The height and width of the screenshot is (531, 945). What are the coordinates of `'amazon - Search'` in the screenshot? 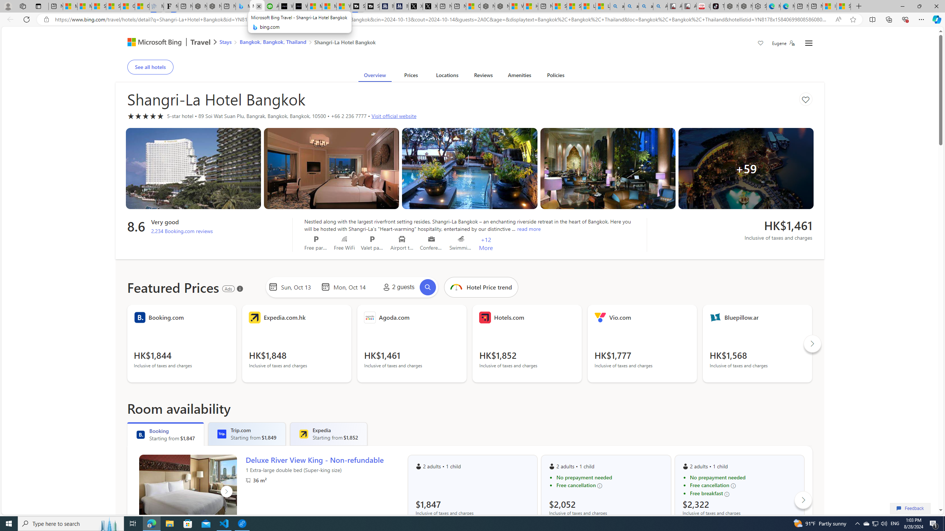 It's located at (631, 6).